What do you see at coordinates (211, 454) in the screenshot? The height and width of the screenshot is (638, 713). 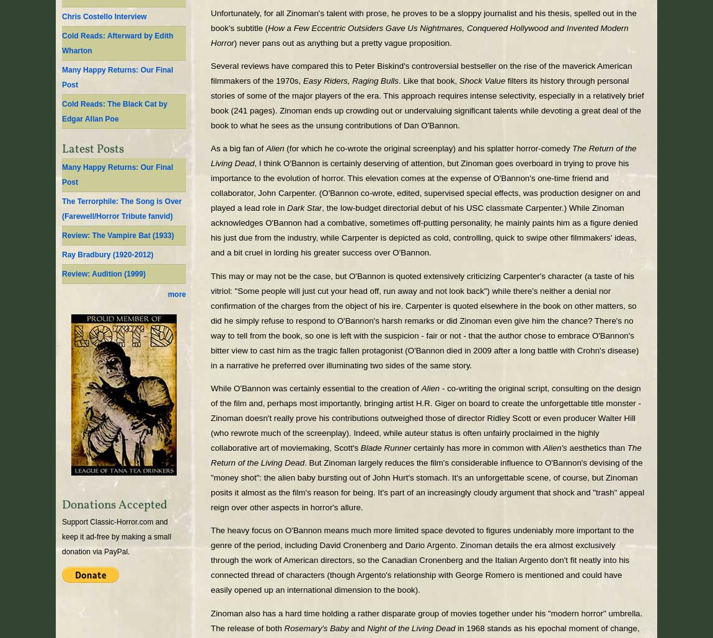 I see `'The Return of the Living Dead'` at bounding box center [211, 454].